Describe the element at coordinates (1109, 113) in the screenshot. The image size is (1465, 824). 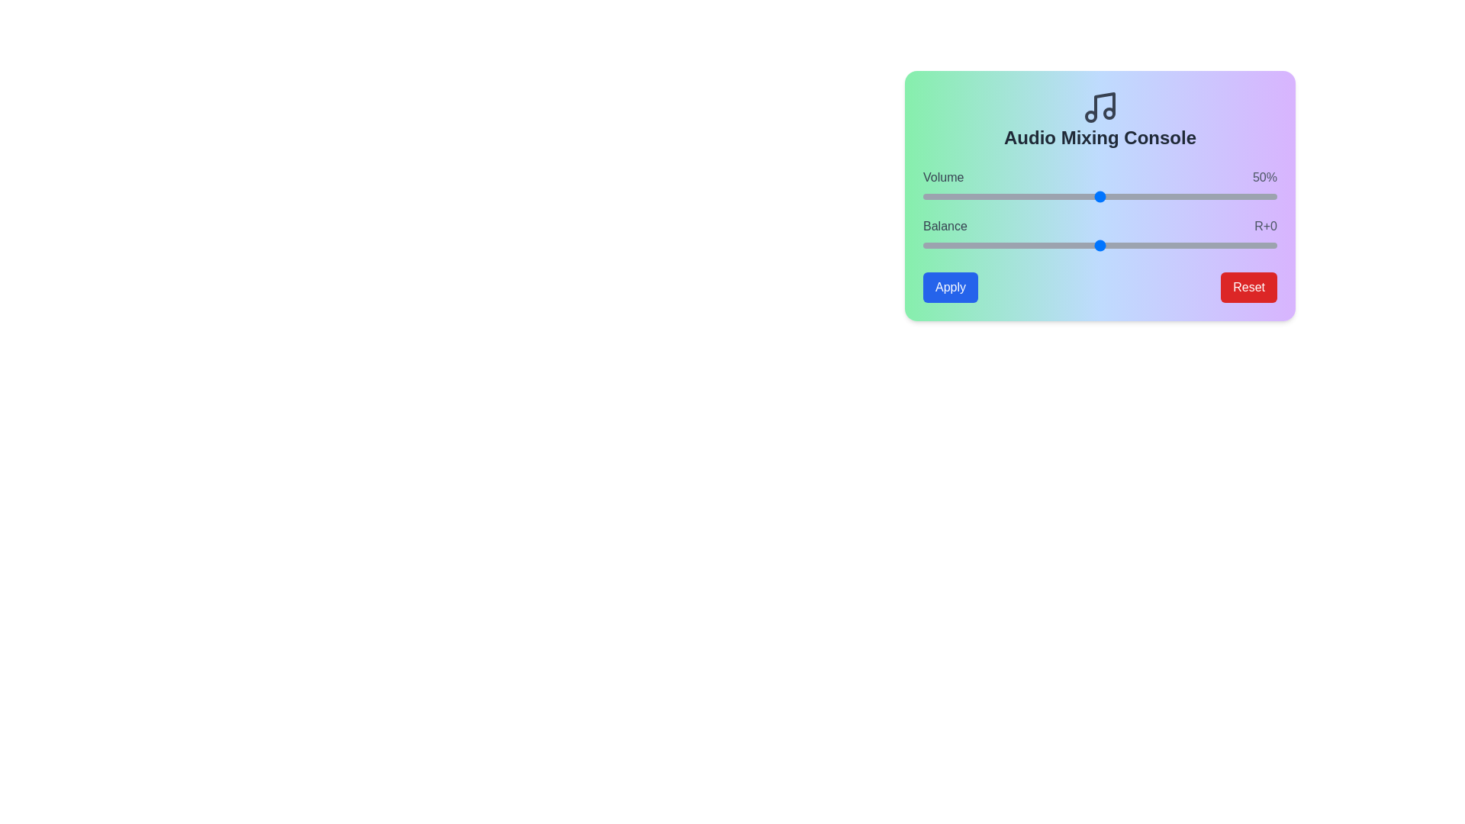
I see `the rightmost circular element of the musical note SVG icon located above the title 'Audio Mixing Console'` at that location.